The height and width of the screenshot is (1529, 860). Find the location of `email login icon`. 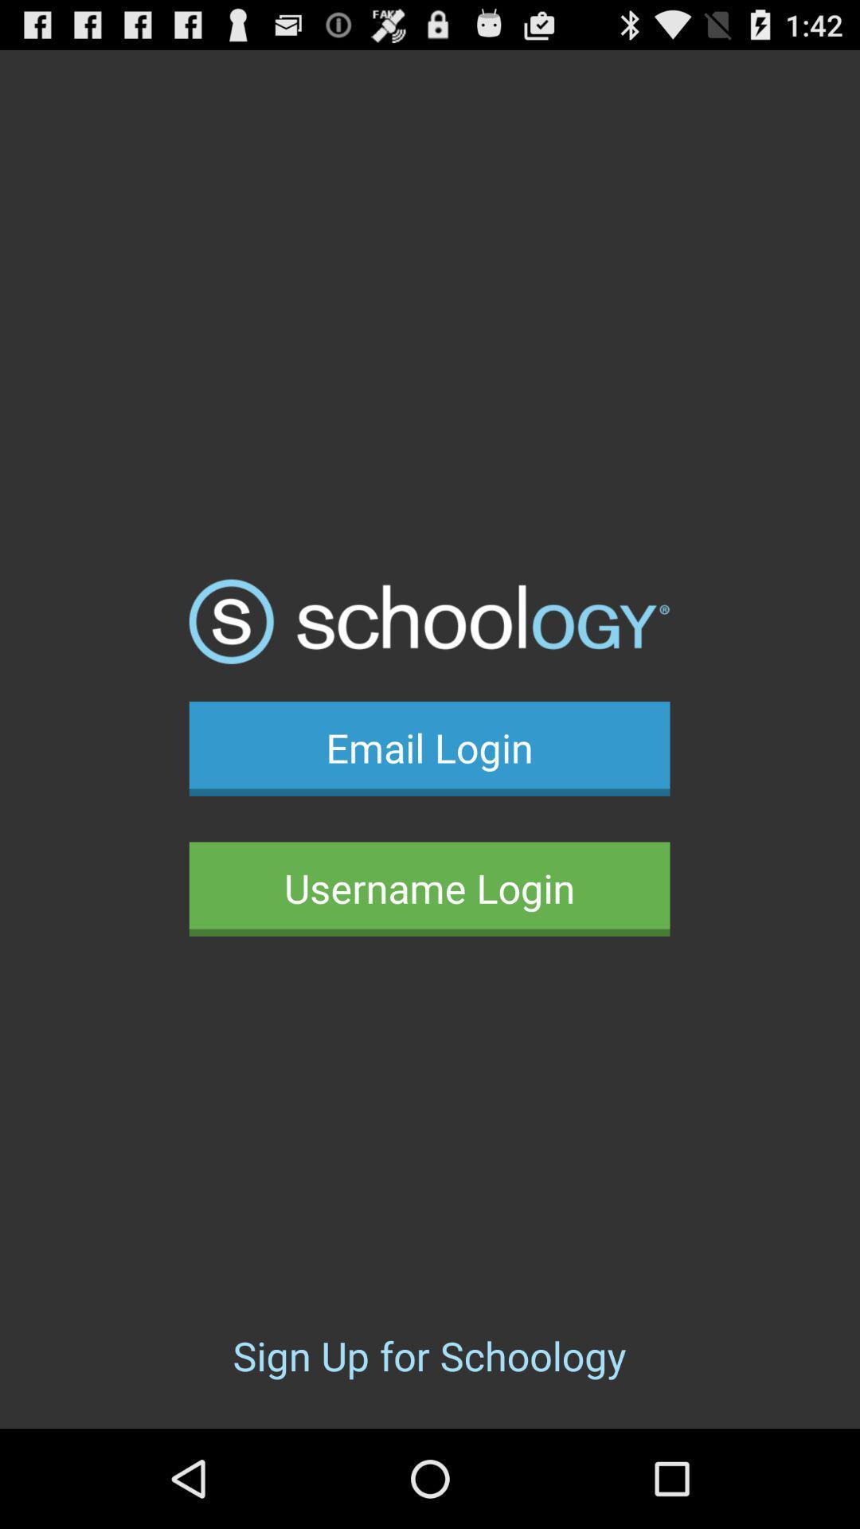

email login icon is located at coordinates (428, 748).